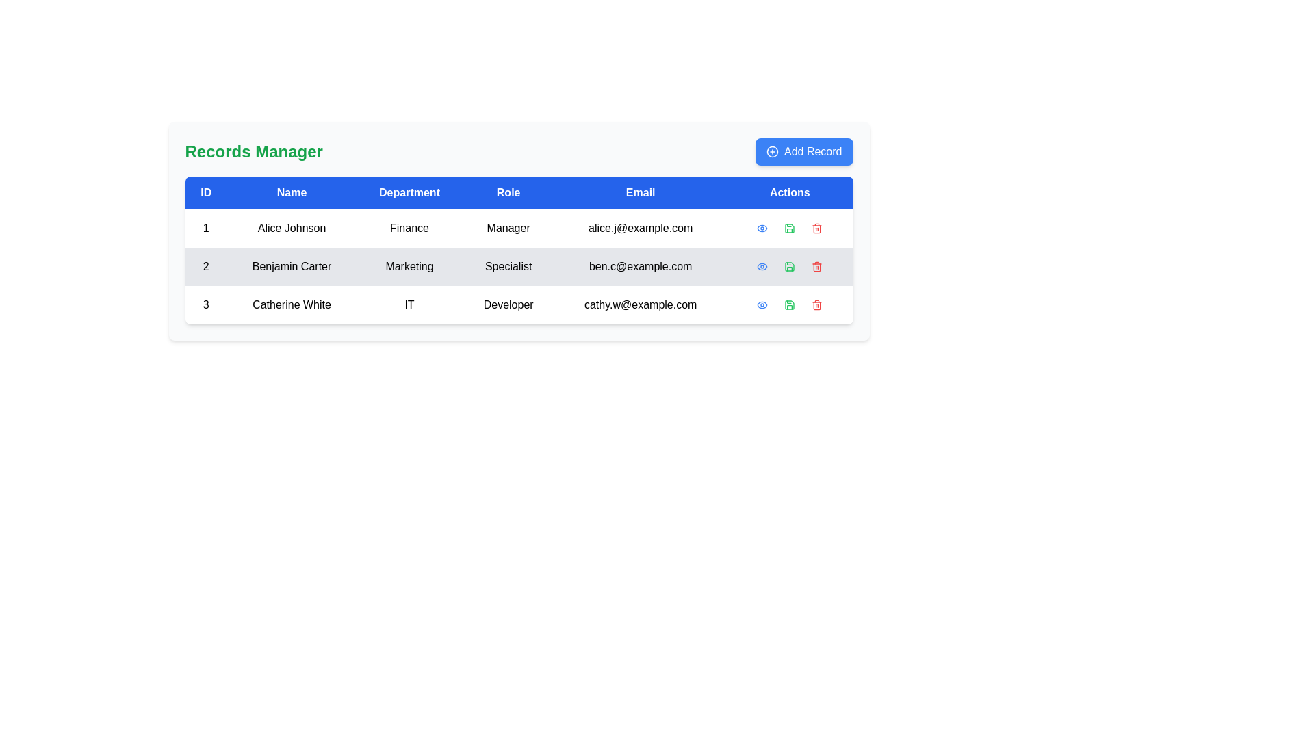 The width and height of the screenshot is (1314, 739). I want to click on the text label that identifies the record, so click(205, 266).